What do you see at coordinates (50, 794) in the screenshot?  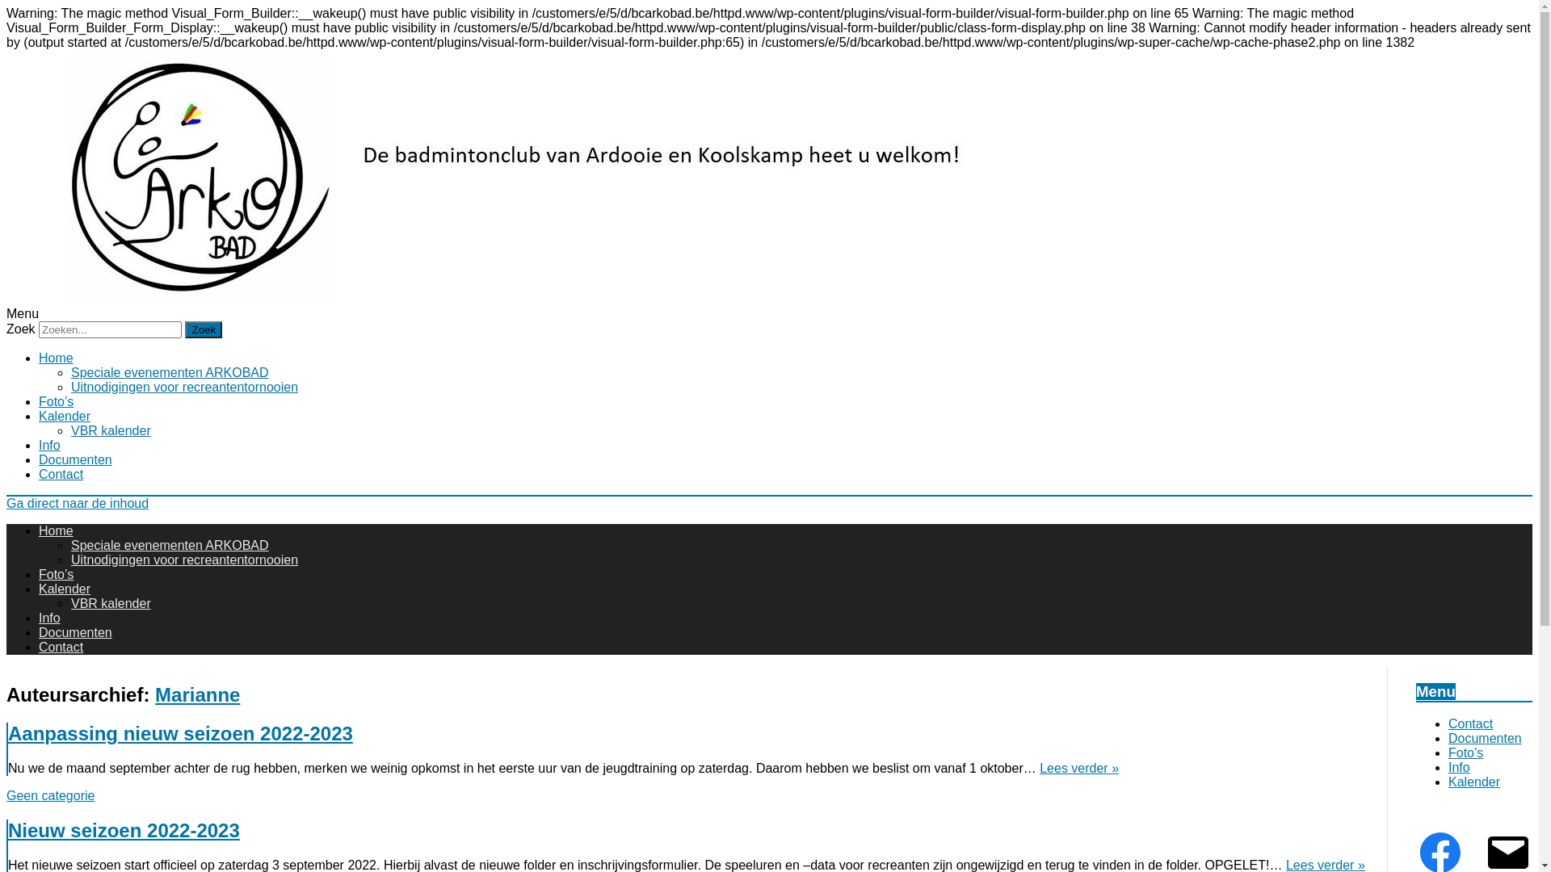 I see `'Geen categorie'` at bounding box center [50, 794].